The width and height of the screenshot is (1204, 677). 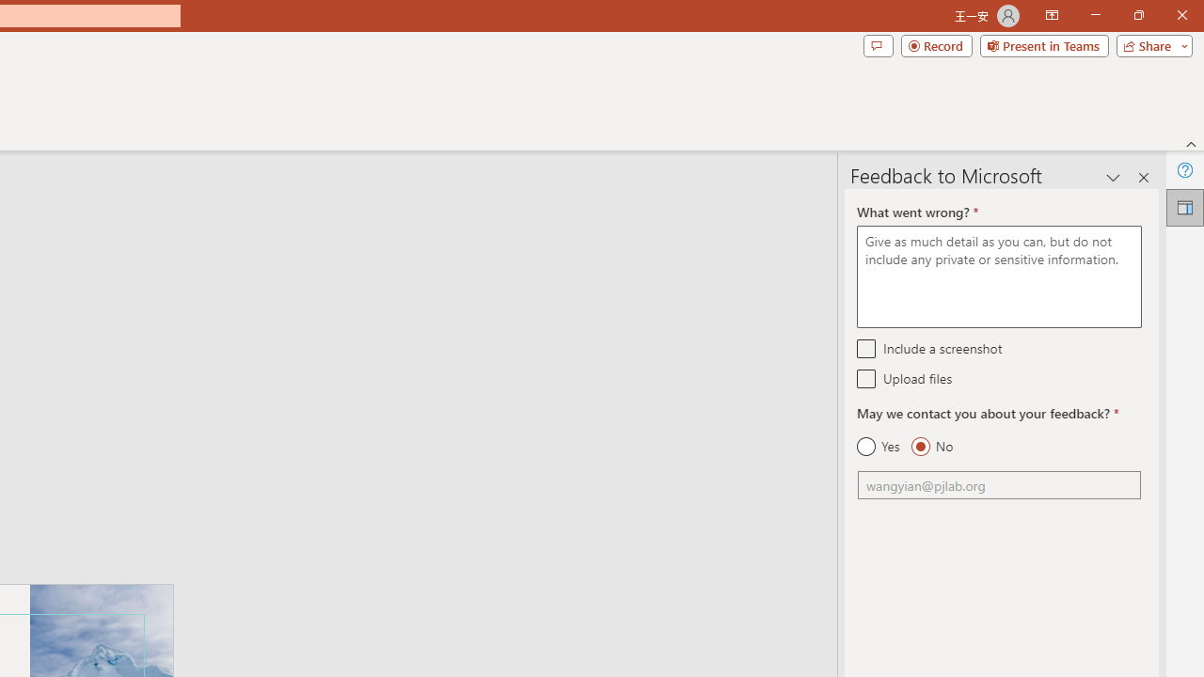 What do you see at coordinates (936, 44) in the screenshot?
I see `'Record'` at bounding box center [936, 44].